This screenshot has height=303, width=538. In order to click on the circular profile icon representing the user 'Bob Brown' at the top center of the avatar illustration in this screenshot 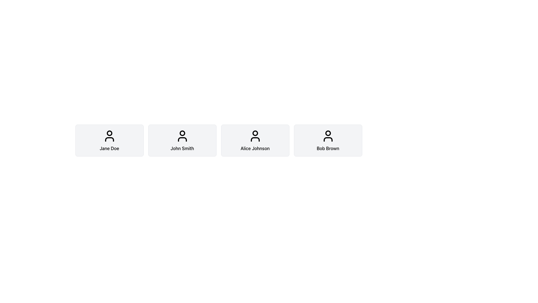, I will do `click(328, 133)`.